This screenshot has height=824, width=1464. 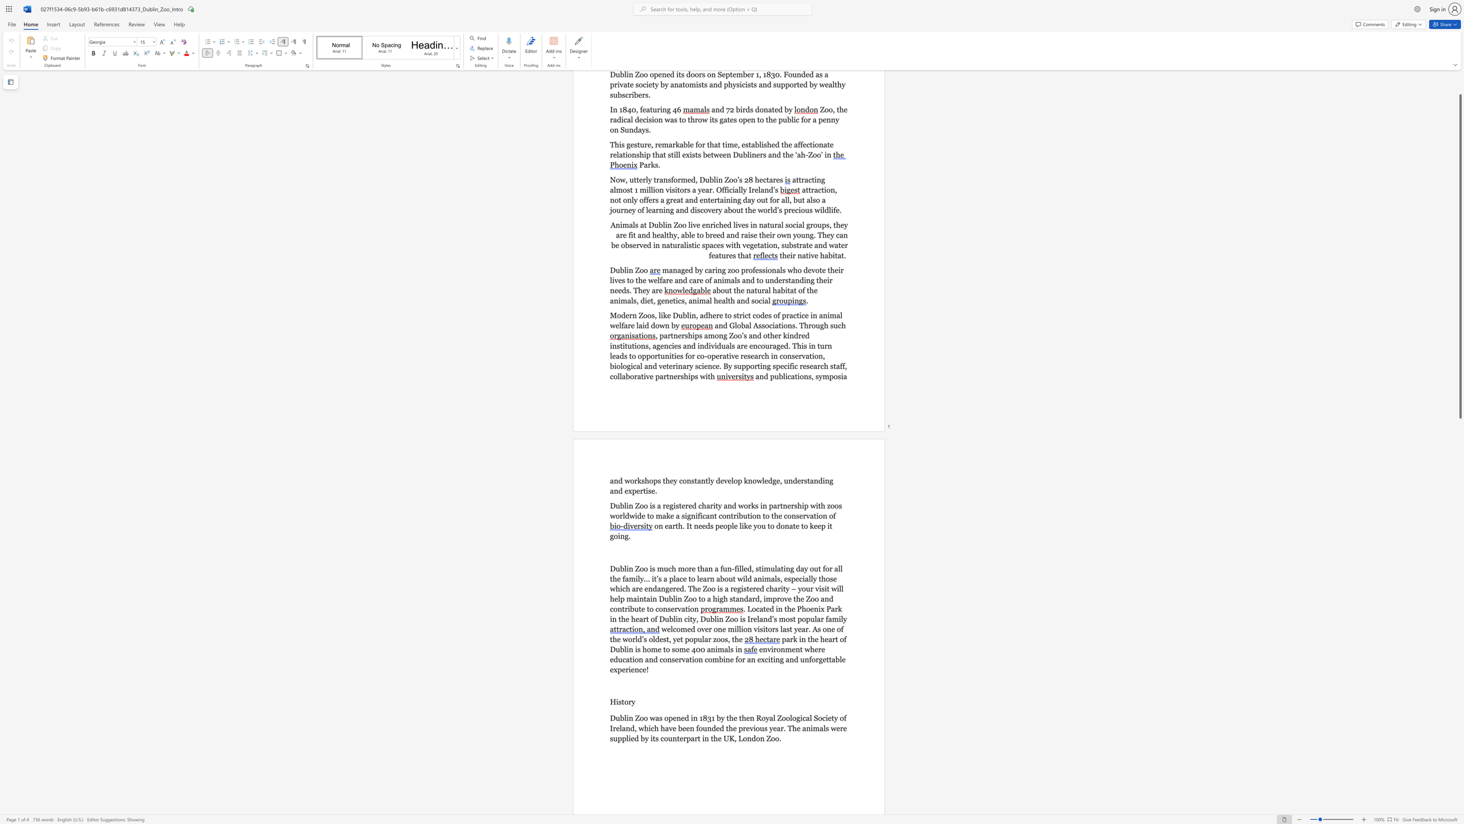 What do you see at coordinates (610, 180) in the screenshot?
I see `the subset text "Now, u" within the text "Now, utterly transformed, Dublin Zoo’s 28 hectares"` at bounding box center [610, 180].